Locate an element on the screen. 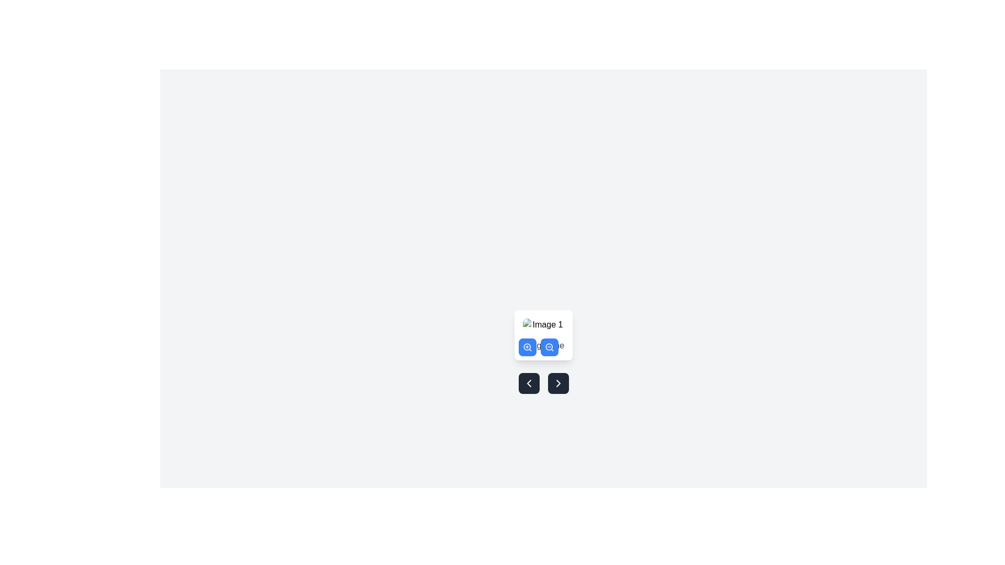 The width and height of the screenshot is (1005, 565). the zoom-in icon, which is the second icon from the left in a row of two buttons at the bottom center of the displayed card, nested within a blue button with rounded corners is located at coordinates (528, 347).